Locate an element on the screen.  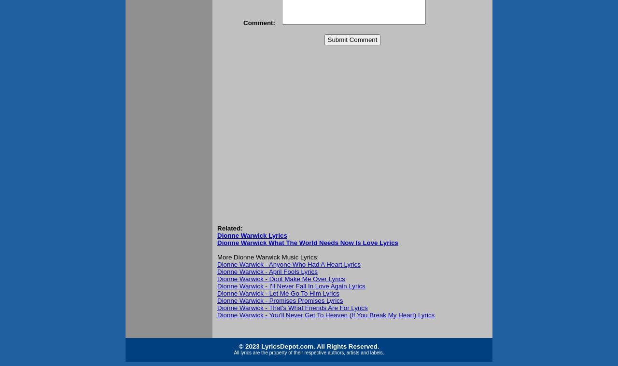
'Dionne Warwick What The World Needs Now Is Love Lyrics' is located at coordinates (217, 243).